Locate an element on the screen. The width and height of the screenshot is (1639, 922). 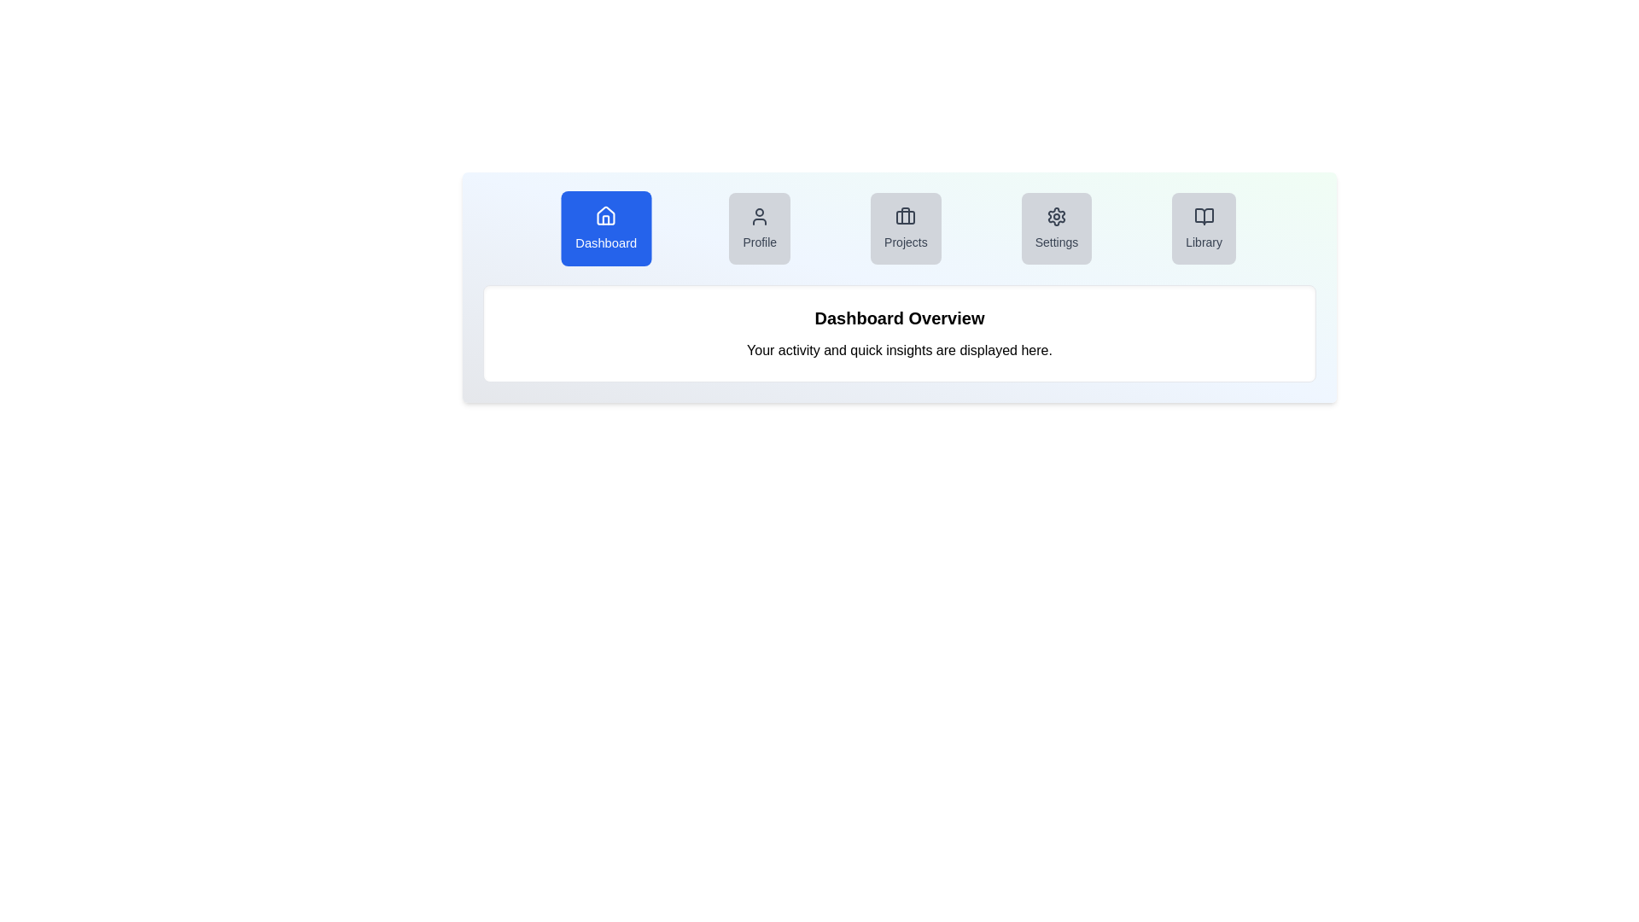
the 'Profile' button, which is the second button in a set of five horizontally-aligned buttons is located at coordinates (759, 227).